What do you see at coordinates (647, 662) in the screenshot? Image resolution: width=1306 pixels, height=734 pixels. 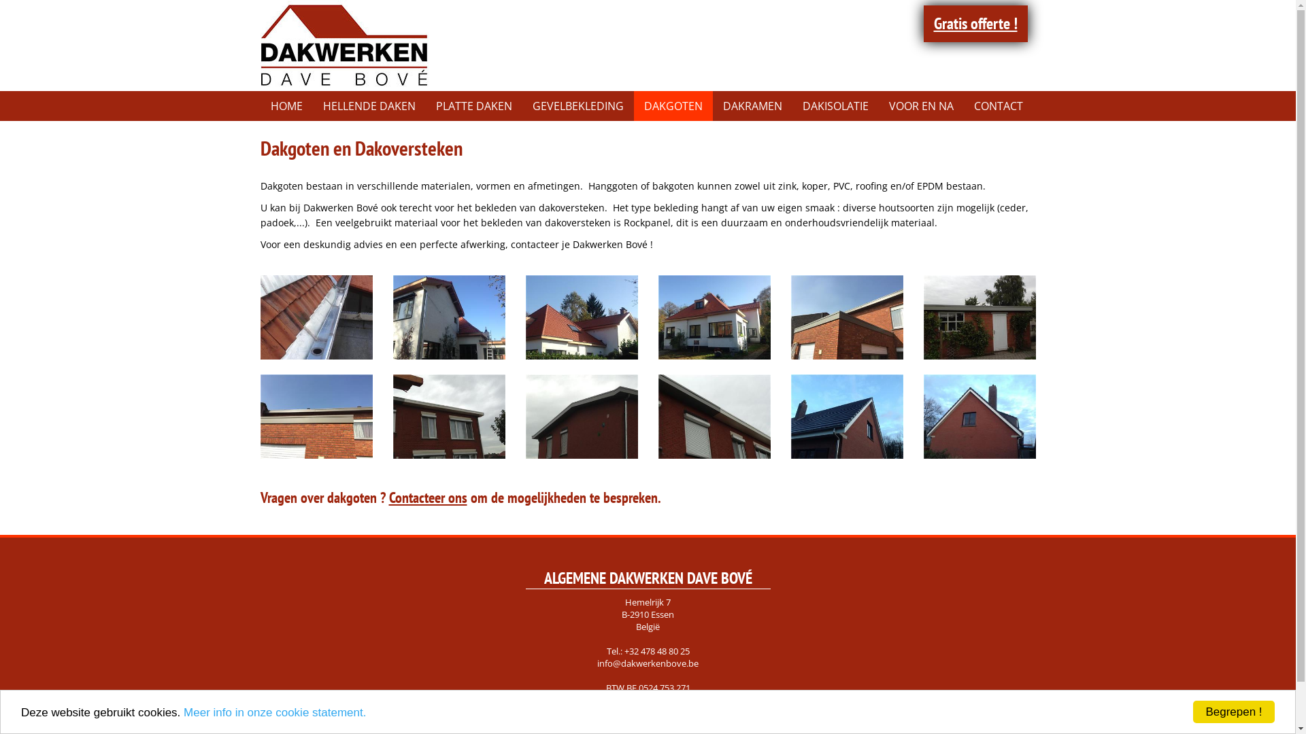 I see `'info@dakwerkenbove.be'` at bounding box center [647, 662].